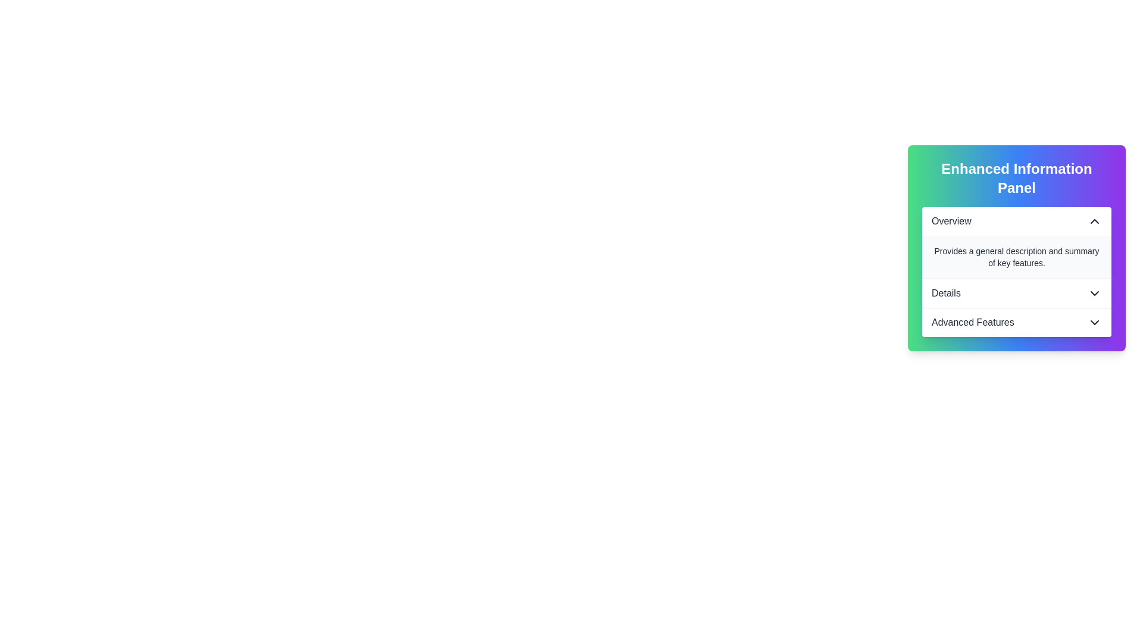 The image size is (1143, 643). Describe the element at coordinates (945, 294) in the screenshot. I see `text label displaying 'Details' which is horizontally centered in the second section of the 'Enhanced Information Panel', located between 'Overview' and 'Advanced Features'` at that location.